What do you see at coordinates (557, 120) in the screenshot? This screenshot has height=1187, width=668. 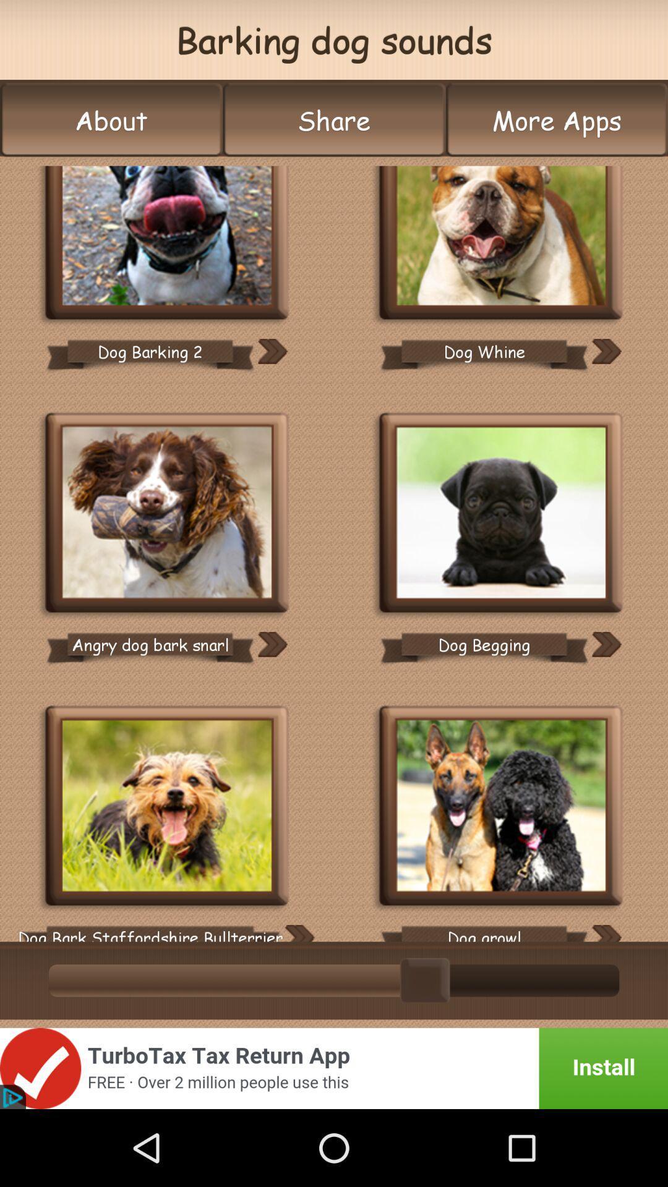 I see `app below the barking dog sounds item` at bounding box center [557, 120].